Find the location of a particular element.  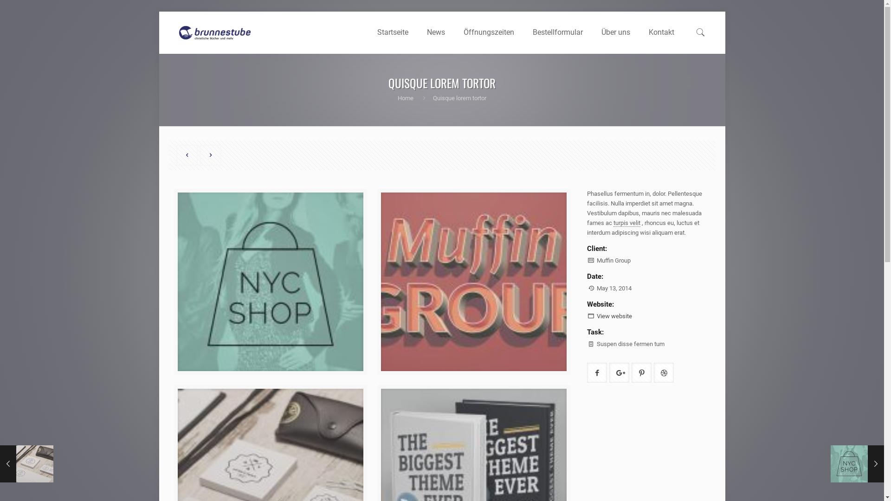

'Brunnestube' is located at coordinates (213, 32).